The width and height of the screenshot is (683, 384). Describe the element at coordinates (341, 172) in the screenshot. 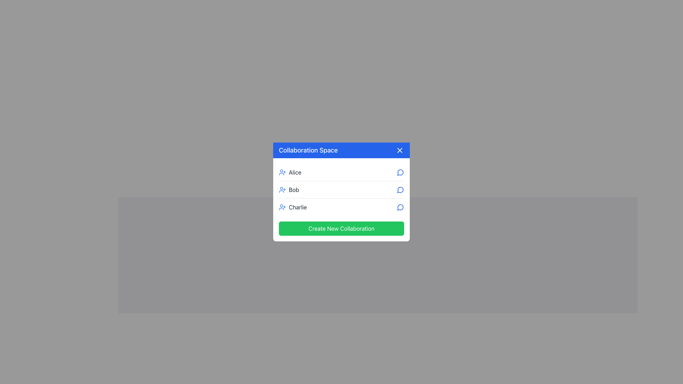

I see `the user list row representing 'Alice'` at that location.